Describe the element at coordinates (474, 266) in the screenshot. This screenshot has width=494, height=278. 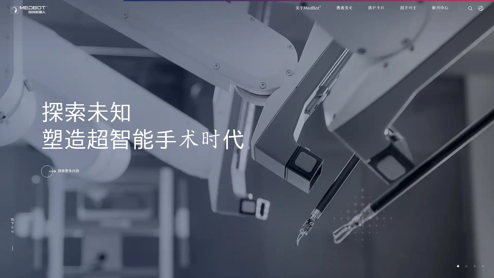
I see `Go to slide 3` at that location.